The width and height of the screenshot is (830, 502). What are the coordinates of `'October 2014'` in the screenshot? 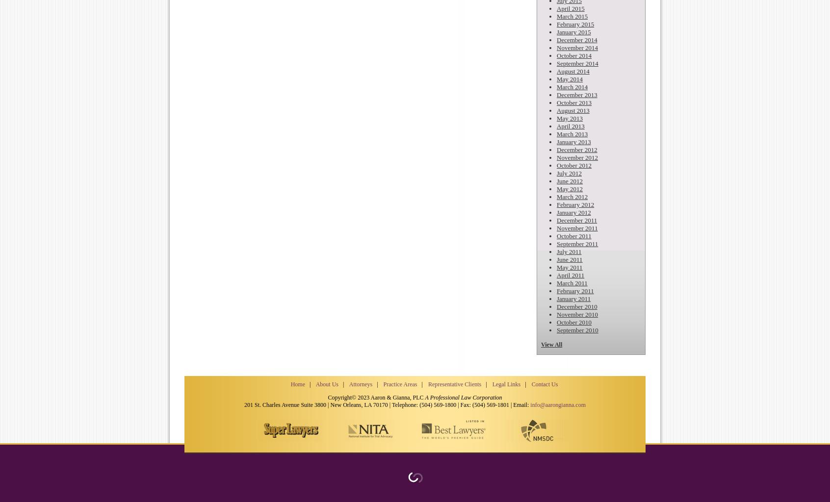 It's located at (573, 55).